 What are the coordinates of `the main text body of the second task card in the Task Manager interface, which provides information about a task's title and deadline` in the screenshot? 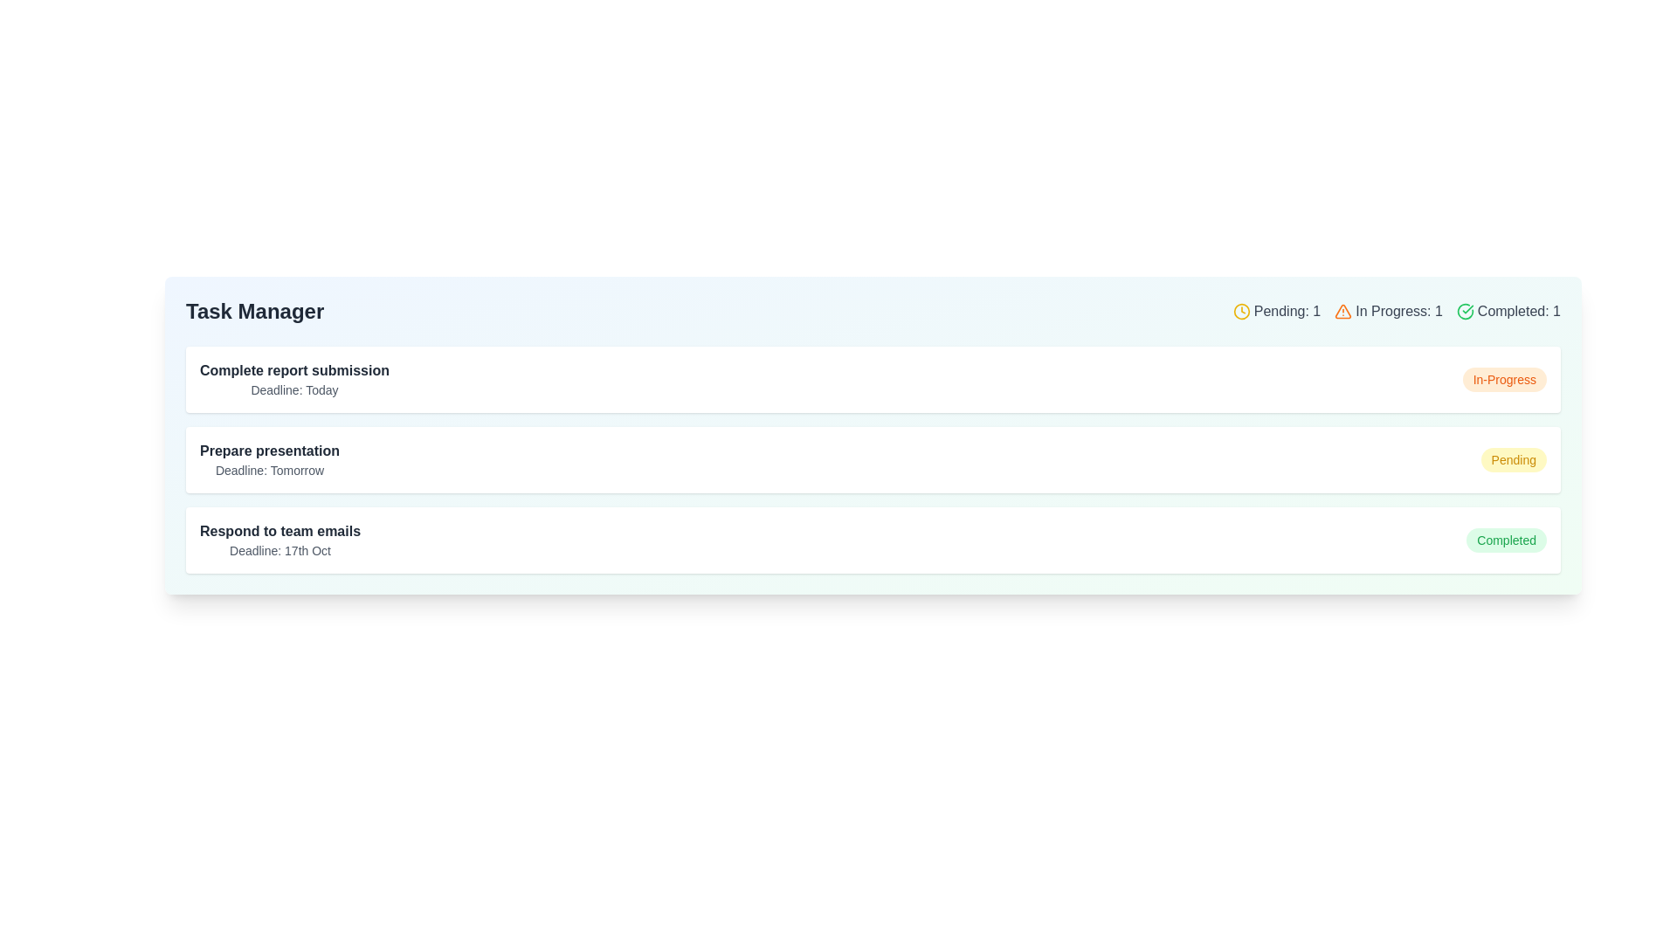 It's located at (269, 459).